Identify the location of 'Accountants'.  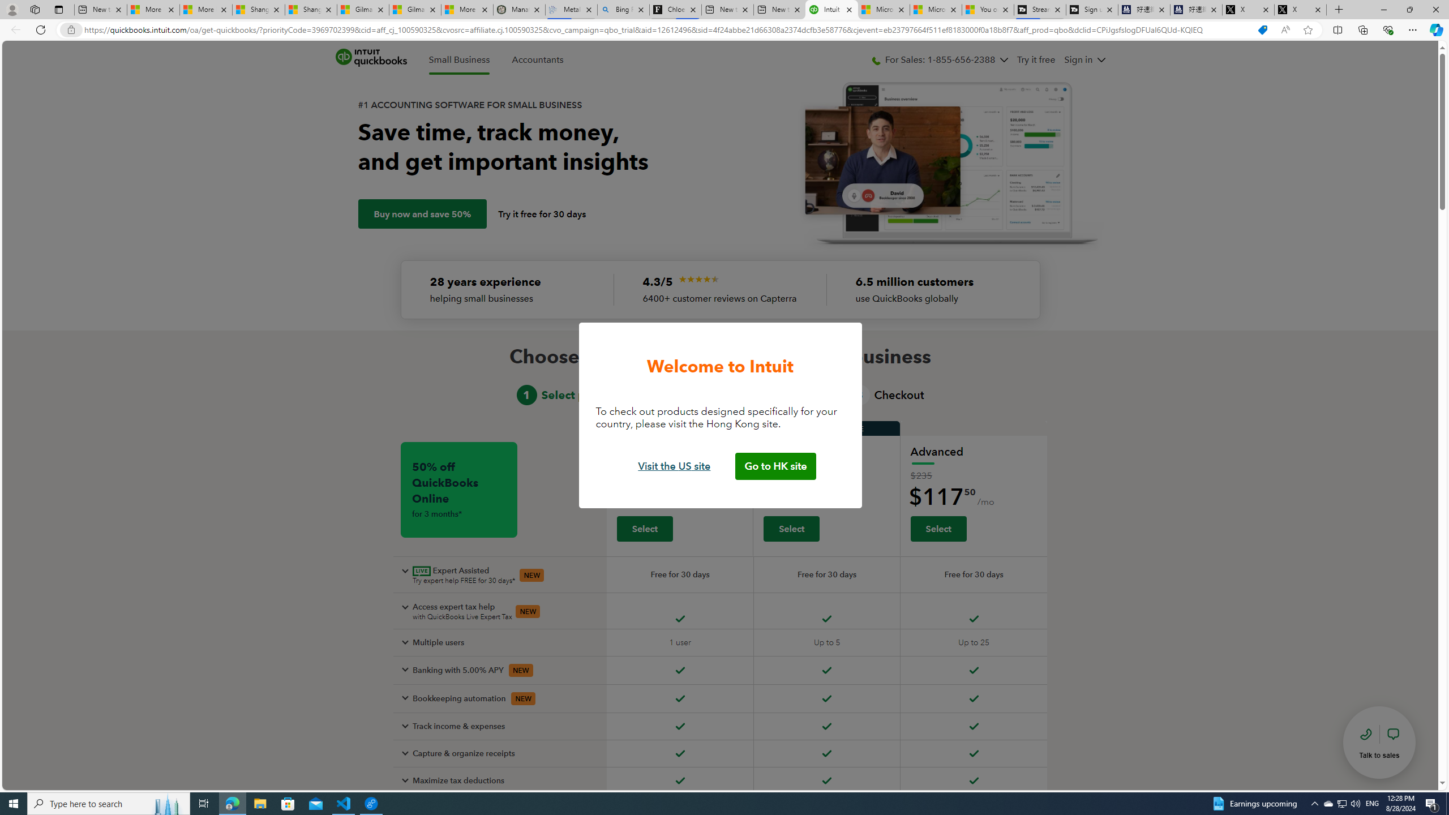
(537, 60).